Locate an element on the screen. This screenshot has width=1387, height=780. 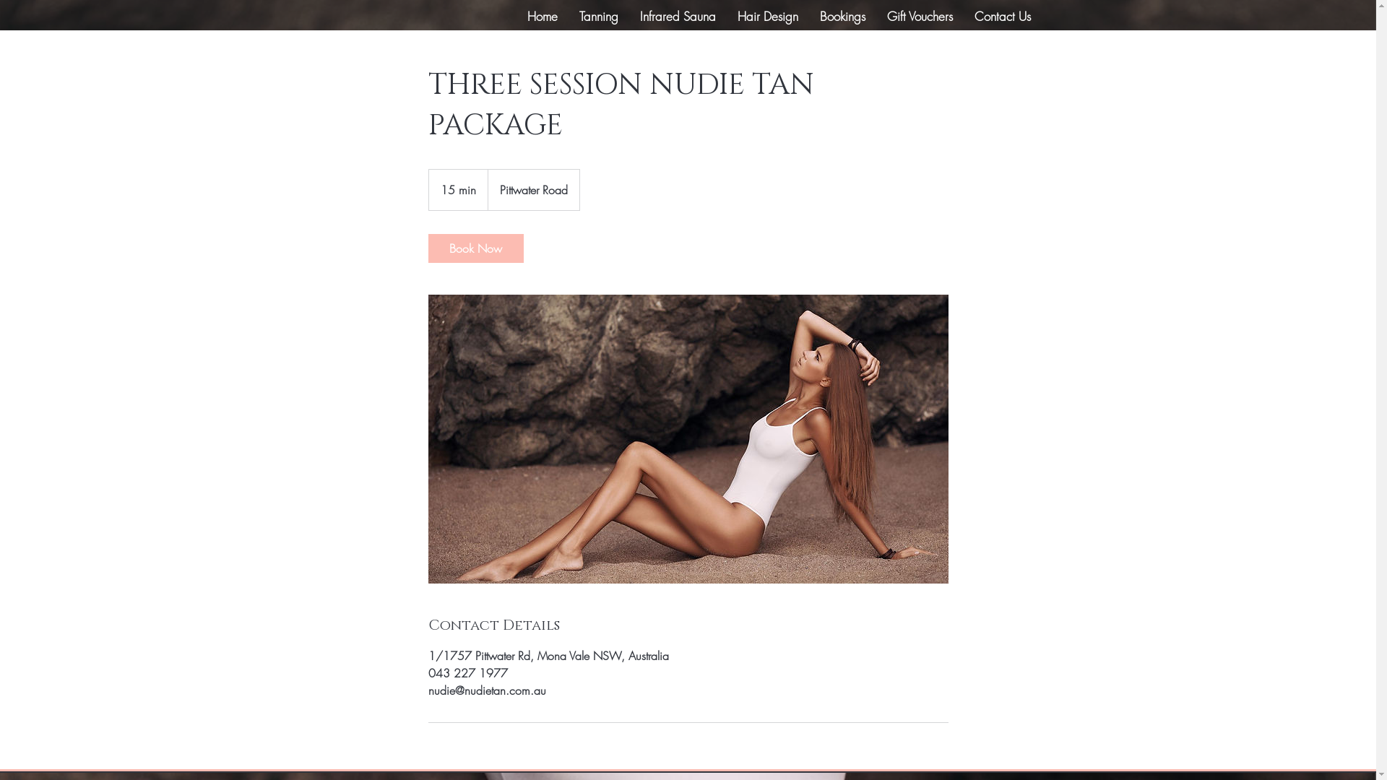
'Home' is located at coordinates (540, 17).